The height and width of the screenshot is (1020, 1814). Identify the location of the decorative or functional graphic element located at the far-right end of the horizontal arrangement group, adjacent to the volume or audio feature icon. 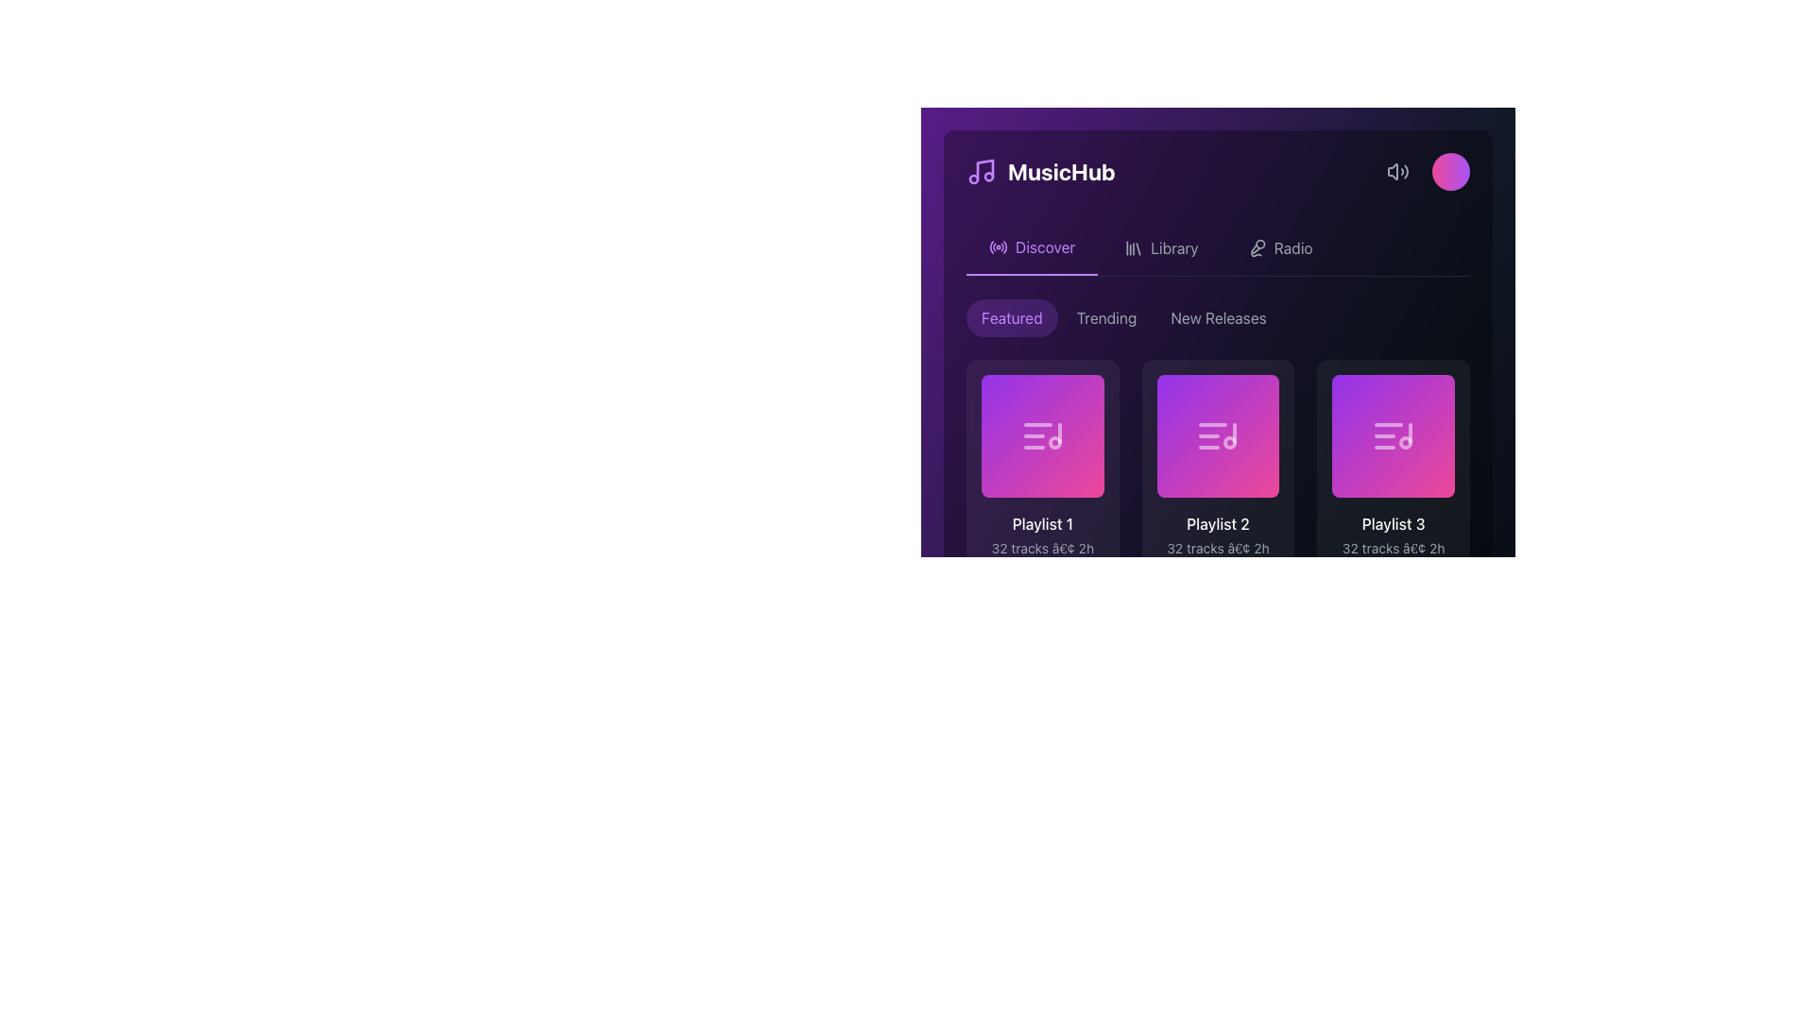
(1450, 171).